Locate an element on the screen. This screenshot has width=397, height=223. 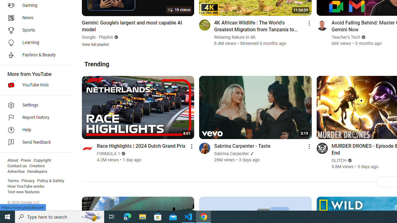
'Contact us' is located at coordinates (17, 166).